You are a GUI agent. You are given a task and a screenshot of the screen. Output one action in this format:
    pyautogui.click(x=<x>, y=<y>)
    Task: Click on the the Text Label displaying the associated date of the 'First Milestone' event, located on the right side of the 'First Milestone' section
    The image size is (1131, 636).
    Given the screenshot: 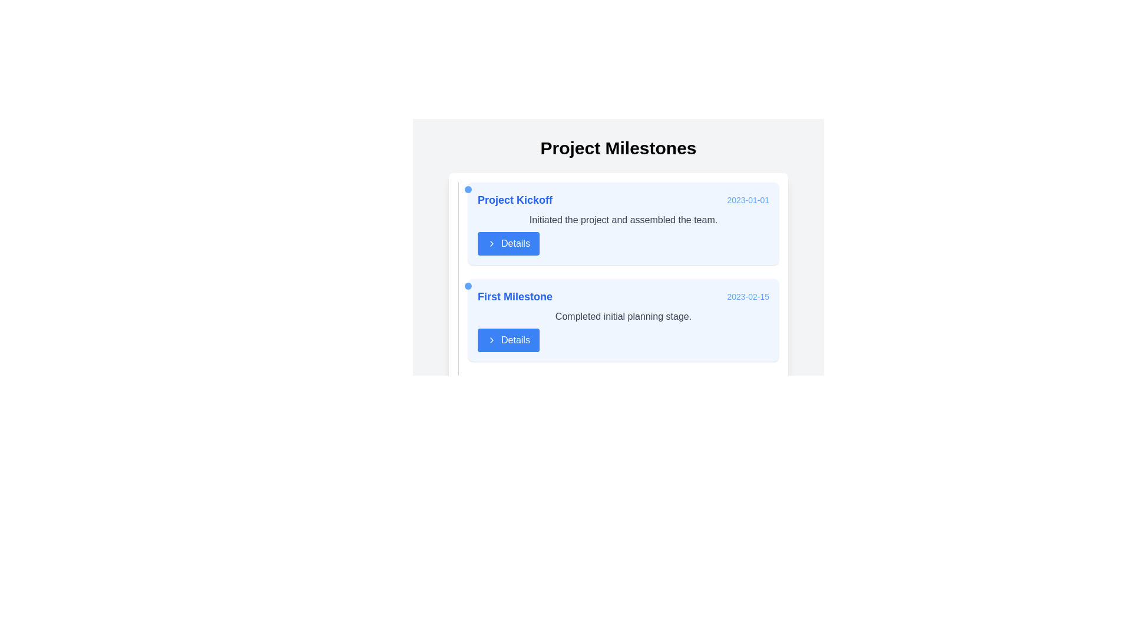 What is the action you would take?
    pyautogui.click(x=748, y=296)
    